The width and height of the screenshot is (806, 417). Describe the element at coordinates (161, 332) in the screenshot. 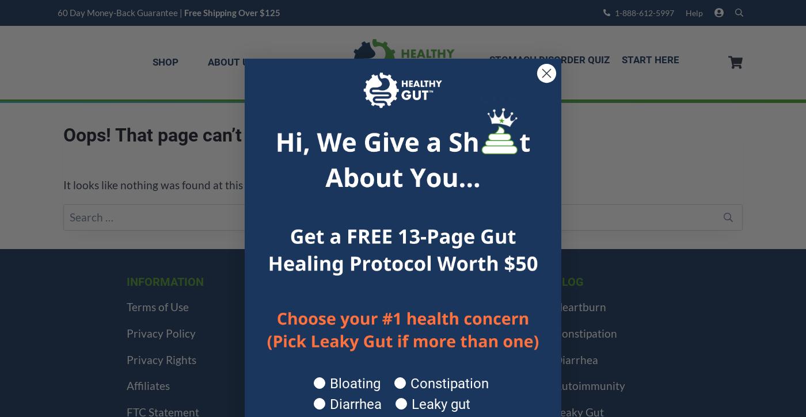

I see `'Privacy Policy'` at that location.